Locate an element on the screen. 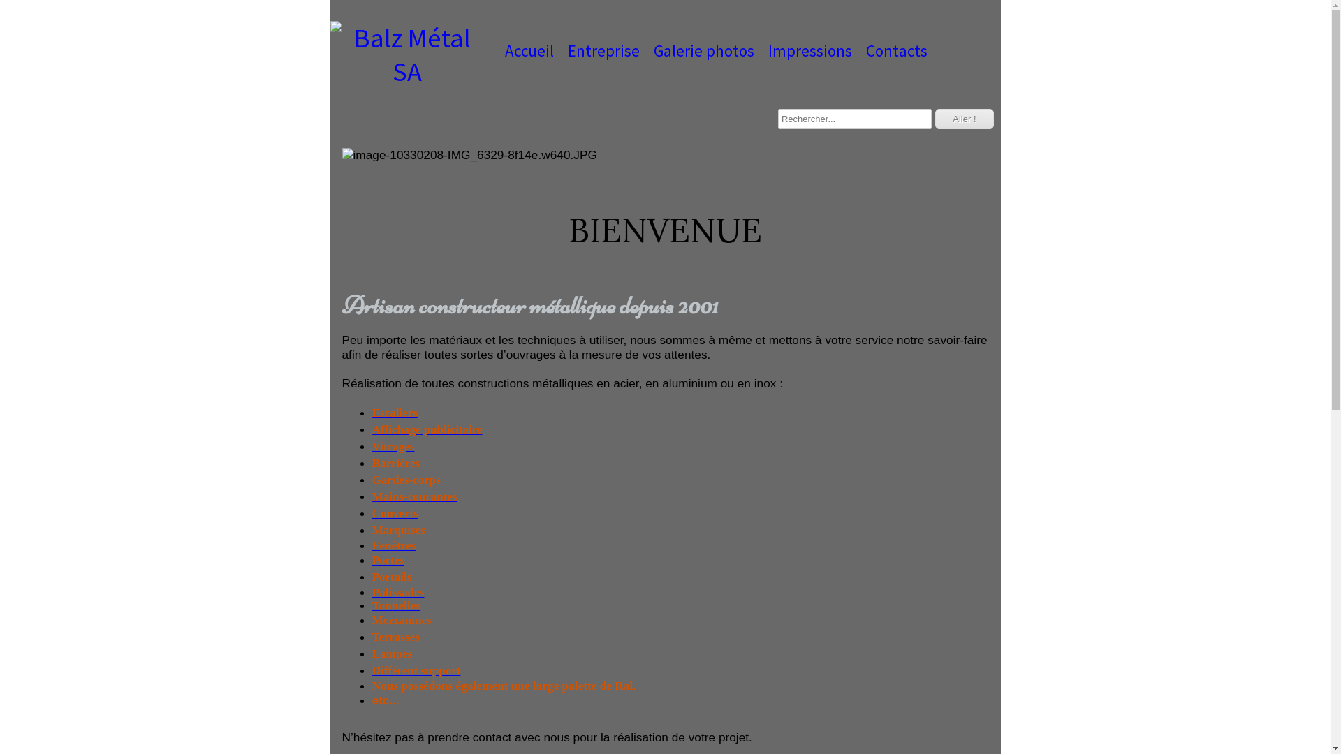 The height and width of the screenshot is (754, 1341). 'Contacts' is located at coordinates (896, 50).